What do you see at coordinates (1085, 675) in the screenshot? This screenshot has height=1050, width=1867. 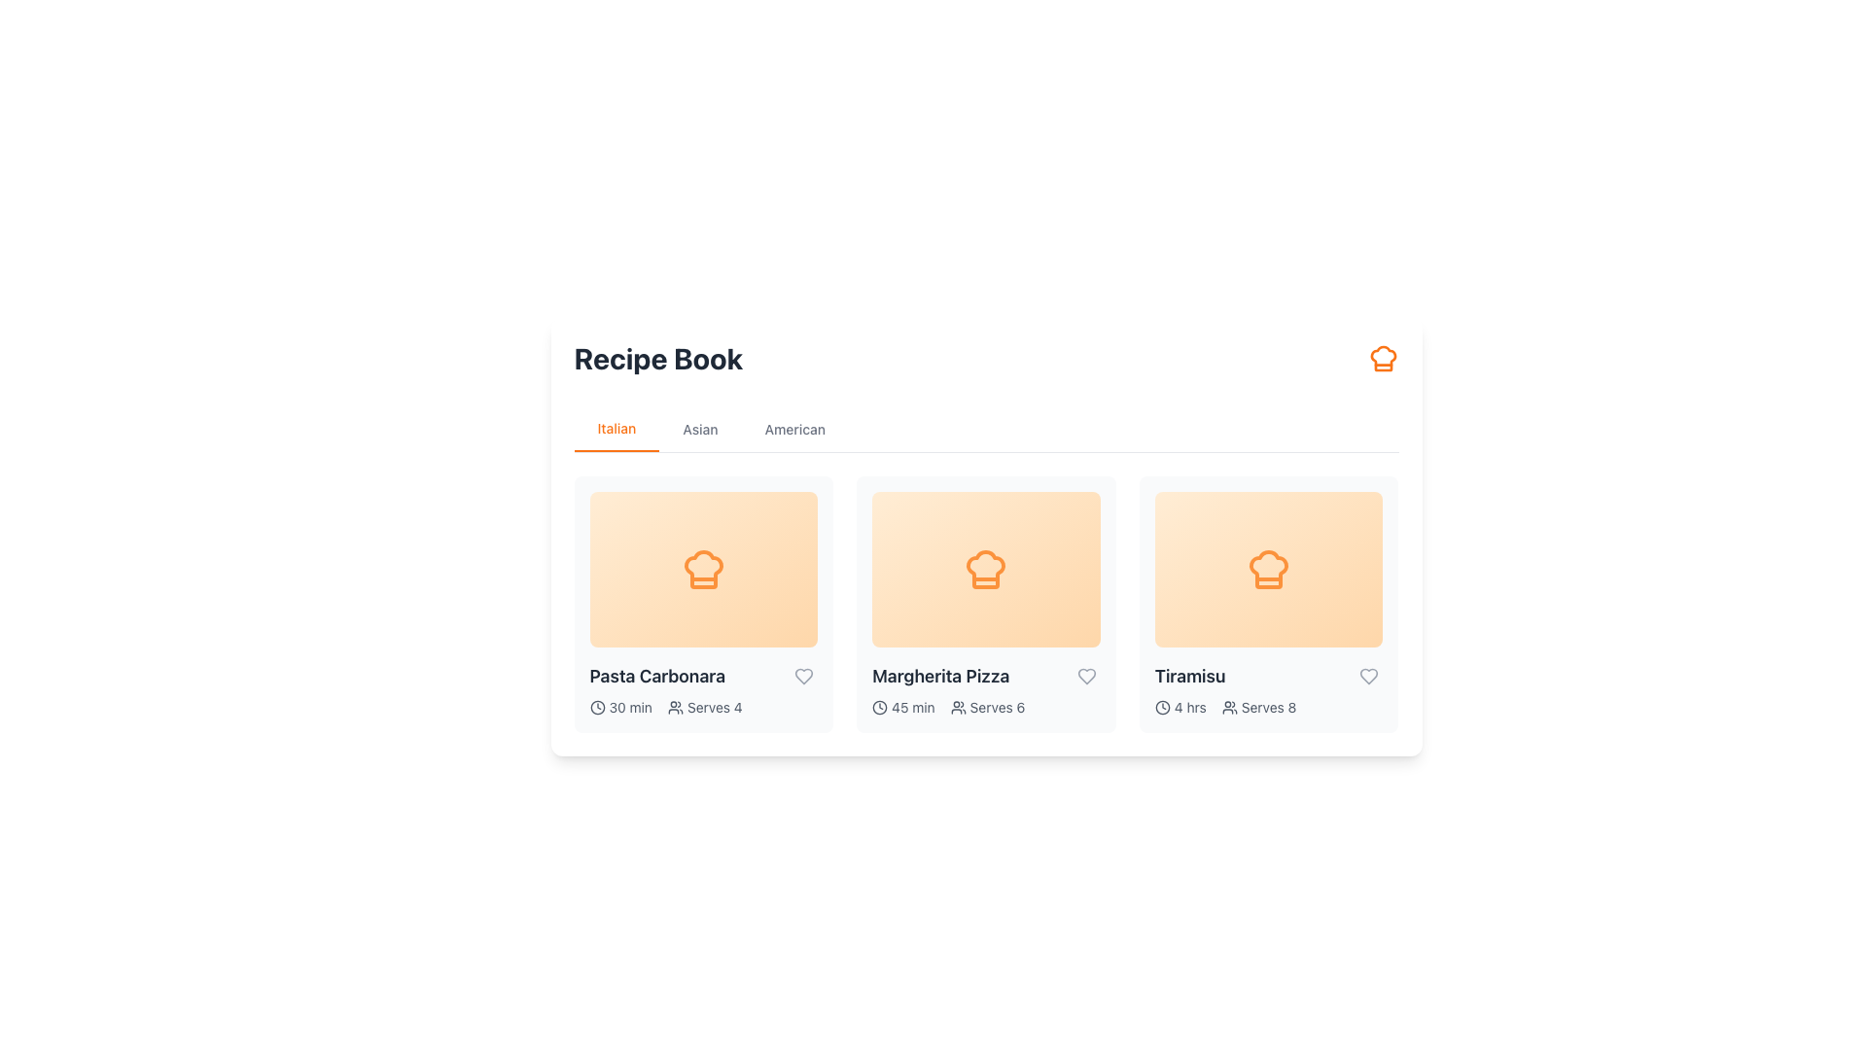 I see `the heart-shaped icon button located at the bottom-right corner of the 'Margherita Pizza' recipe card to favorite the item` at bounding box center [1085, 675].